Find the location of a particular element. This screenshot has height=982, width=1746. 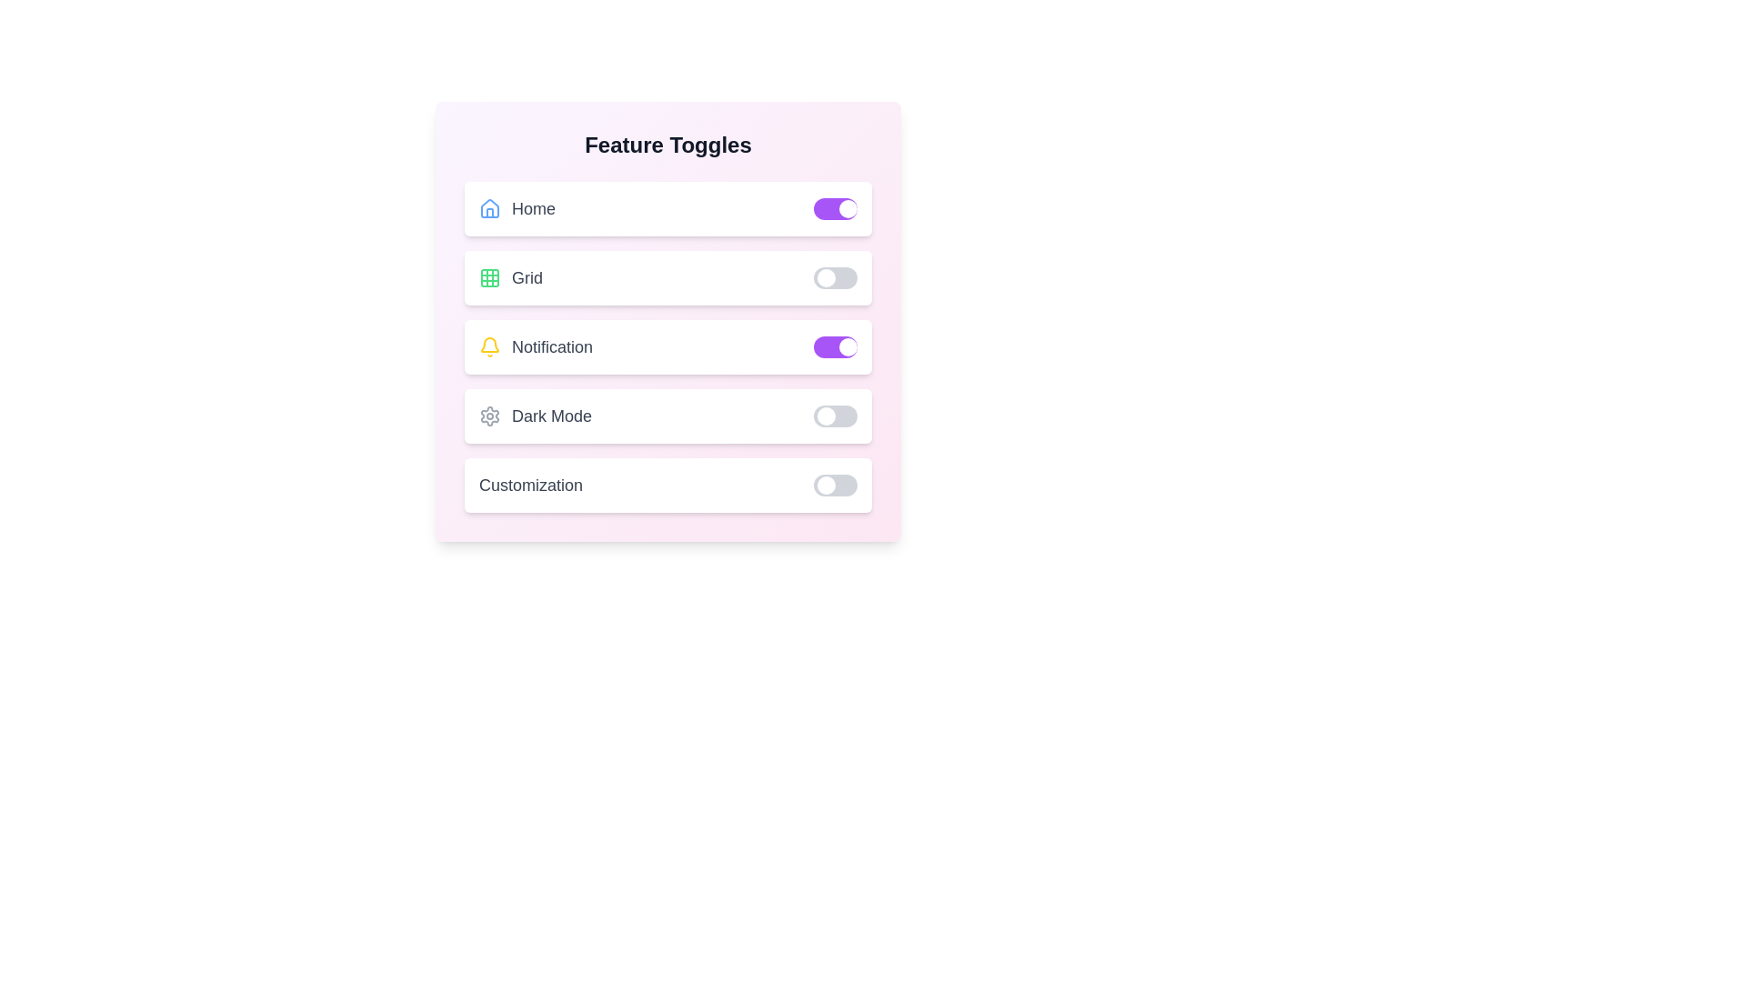

the 'Home' text label, which is styled in a medium-sized, capitalized font and is located in the first row of a feature toggle list, directly to the right of a house icon is located at coordinates (532, 208).